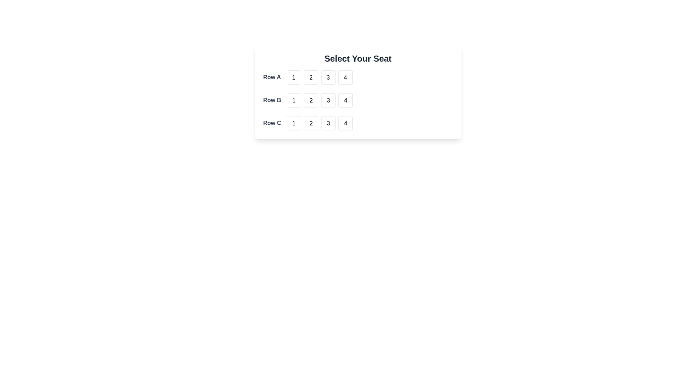 This screenshot has width=689, height=387. What do you see at coordinates (319, 123) in the screenshot?
I see `the second button labeled '2' in the row of interactive buttons under 'Row C' in the selection interface` at bounding box center [319, 123].